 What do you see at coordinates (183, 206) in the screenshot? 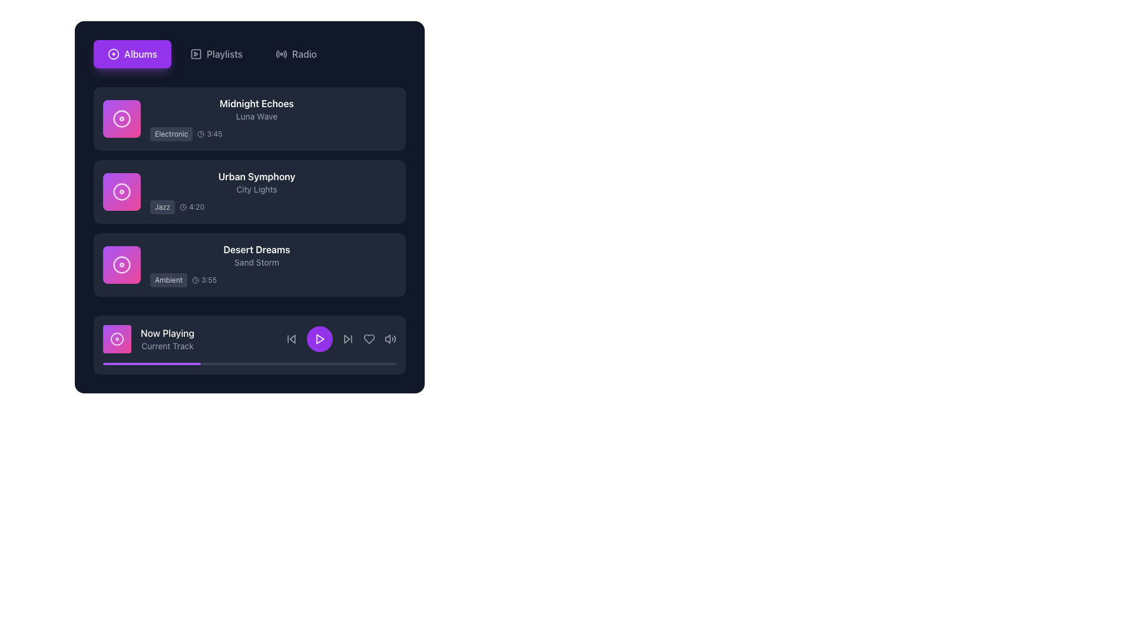
I see `the decorative circle within the SVG graphic of the clock icon, which is located to the left of the duration text '4:20' for the track 'Urban Symphony'` at bounding box center [183, 206].